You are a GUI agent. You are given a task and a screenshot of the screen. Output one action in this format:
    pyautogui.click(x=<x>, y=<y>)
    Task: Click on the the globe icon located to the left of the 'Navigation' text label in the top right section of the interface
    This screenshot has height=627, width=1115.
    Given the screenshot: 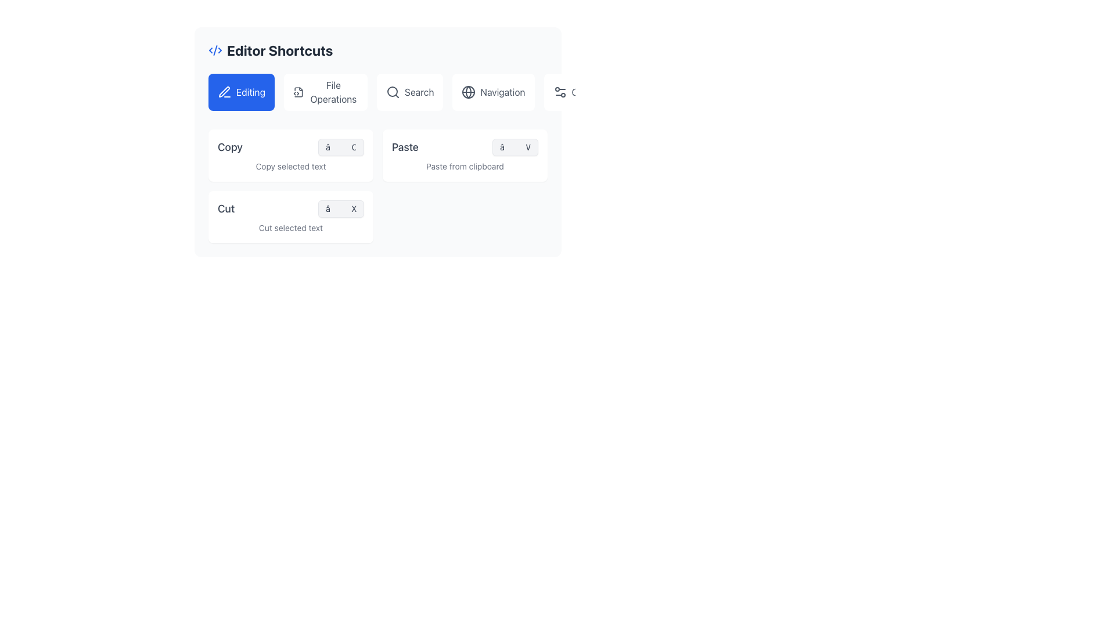 What is the action you would take?
    pyautogui.click(x=469, y=91)
    